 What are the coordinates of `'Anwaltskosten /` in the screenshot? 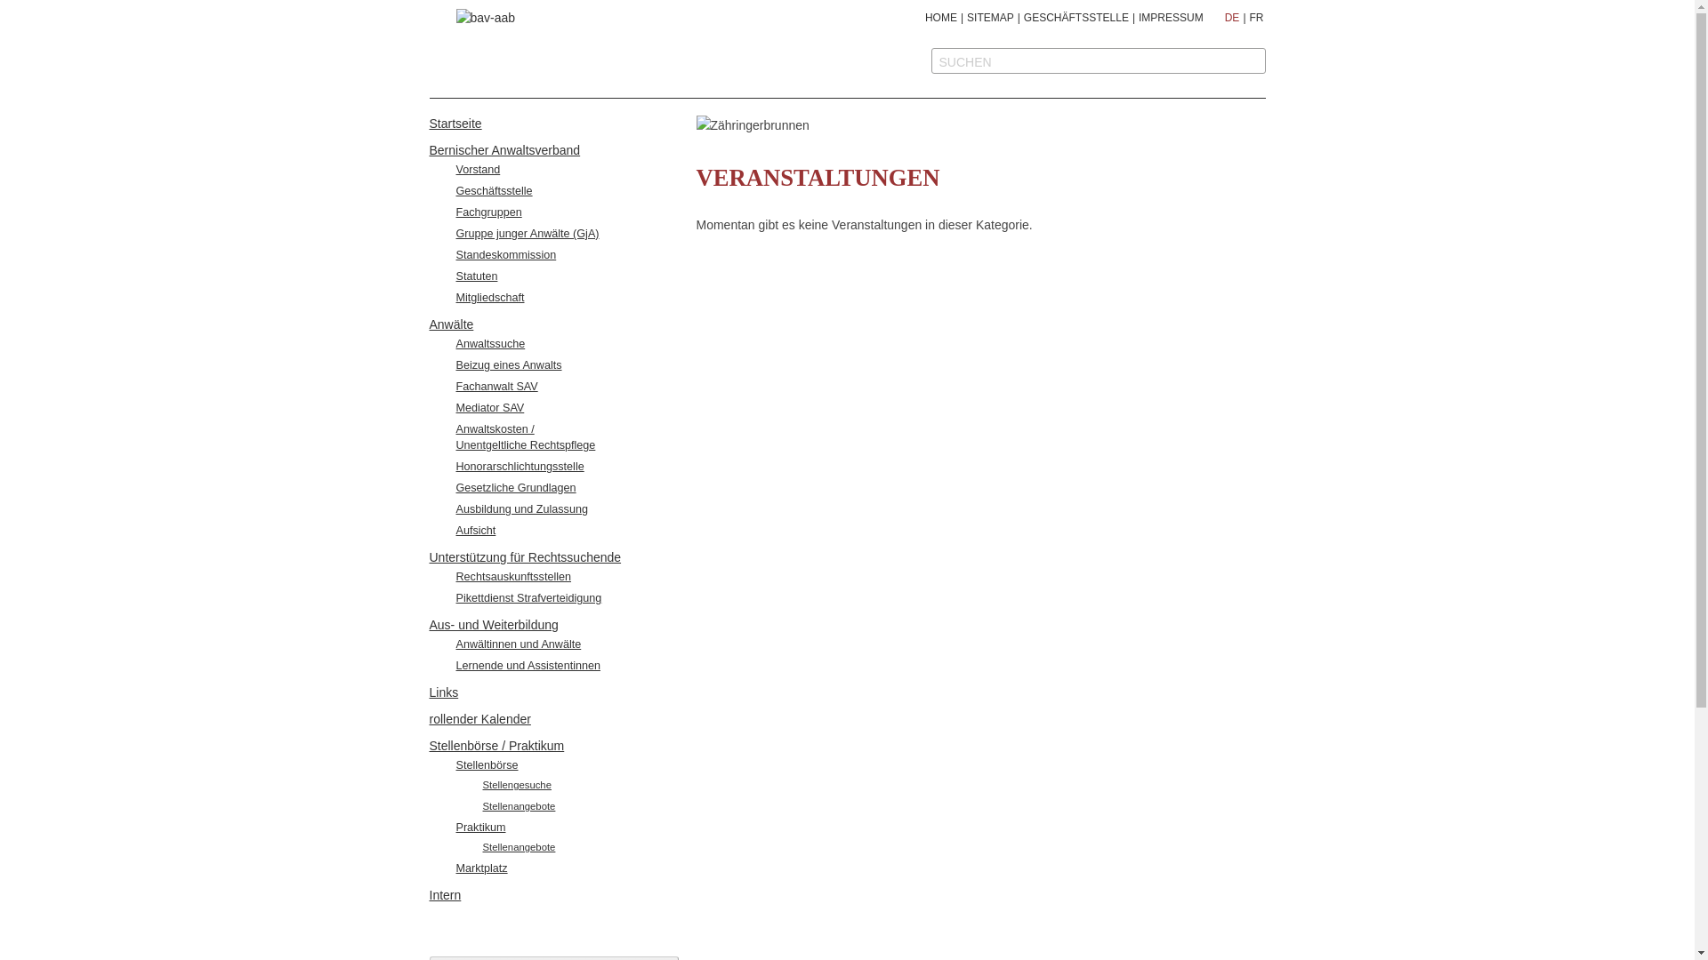 It's located at (524, 437).